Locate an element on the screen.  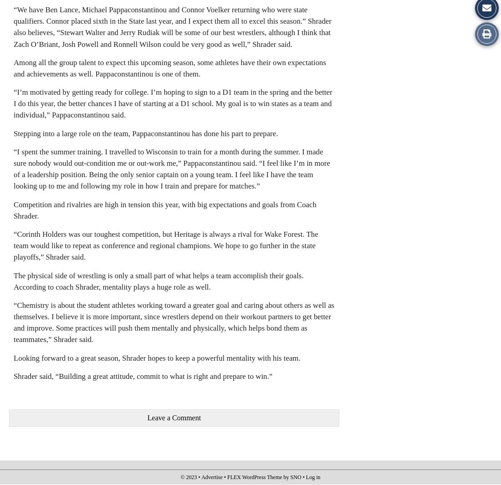
'Stepping into a large role on the team, Pappaconstantinou has done his part to prepare.' is located at coordinates (13, 133).